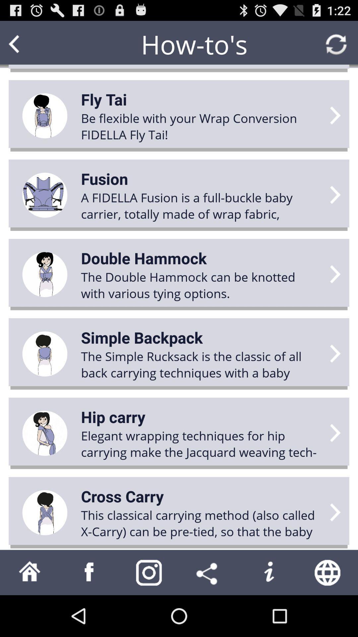  I want to click on facebook, so click(89, 572).